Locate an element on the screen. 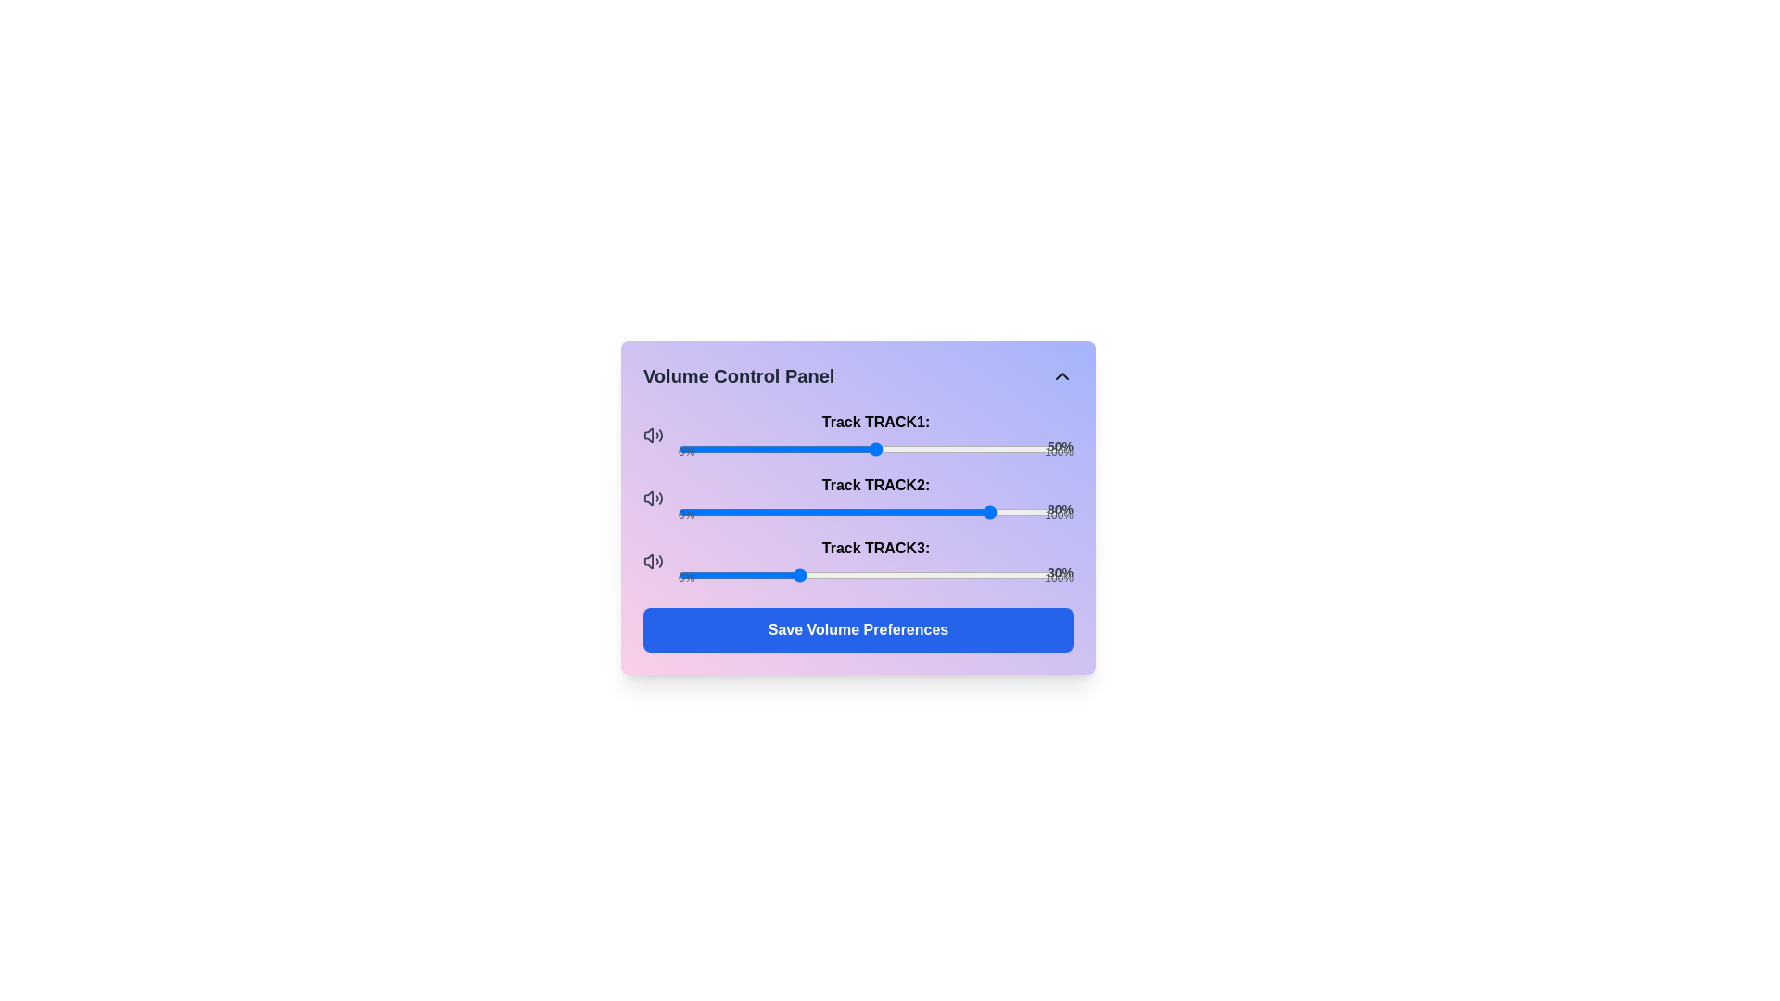 This screenshot has width=1780, height=1001. the slider value is located at coordinates (1041, 575).